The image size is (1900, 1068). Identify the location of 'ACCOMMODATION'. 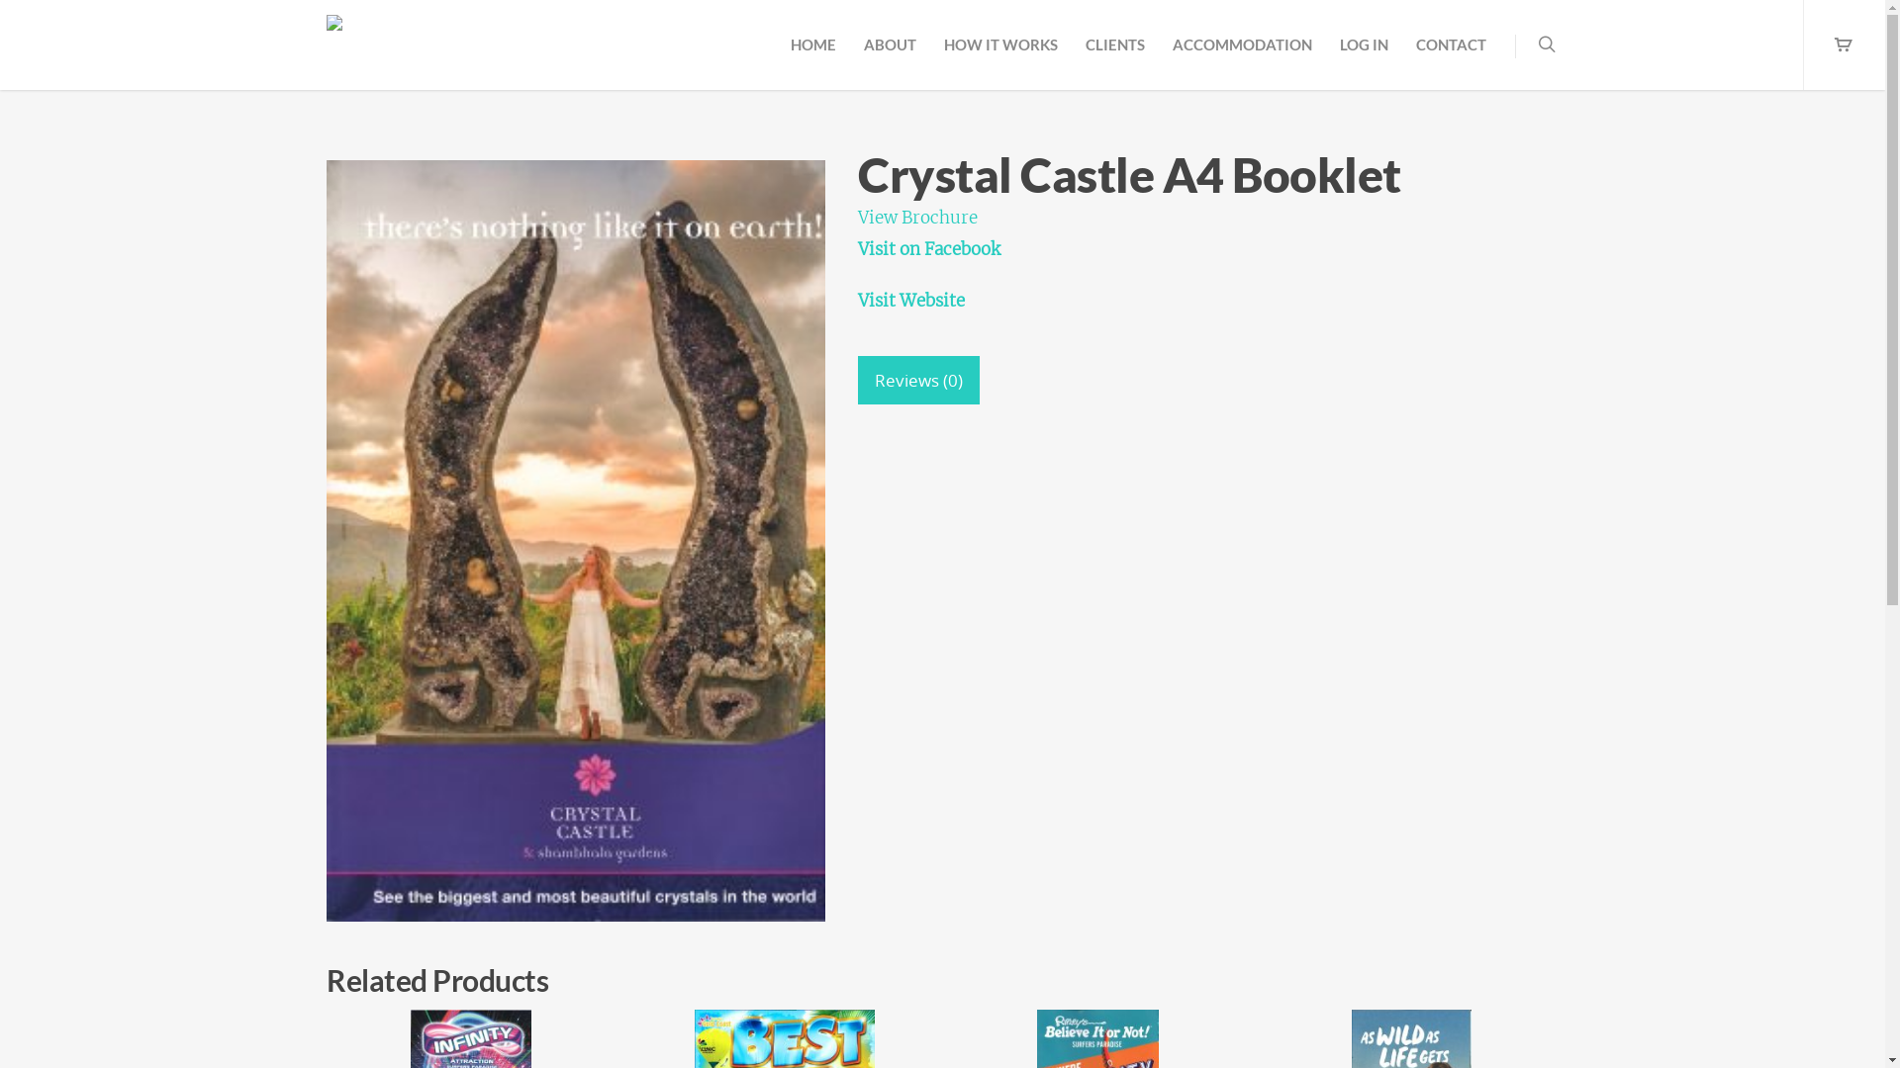
(1241, 51).